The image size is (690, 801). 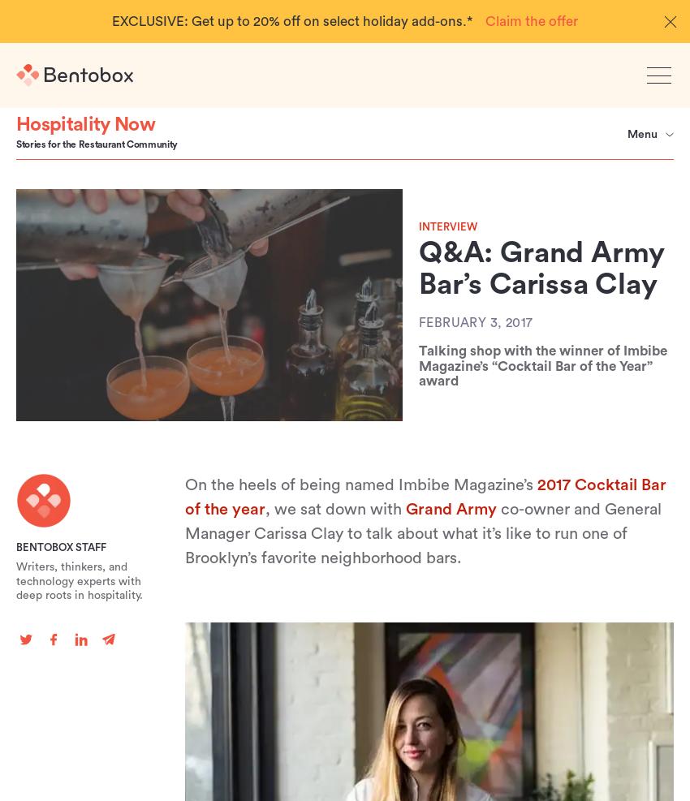 What do you see at coordinates (15, 123) in the screenshot?
I see `'Hospitality Now'` at bounding box center [15, 123].